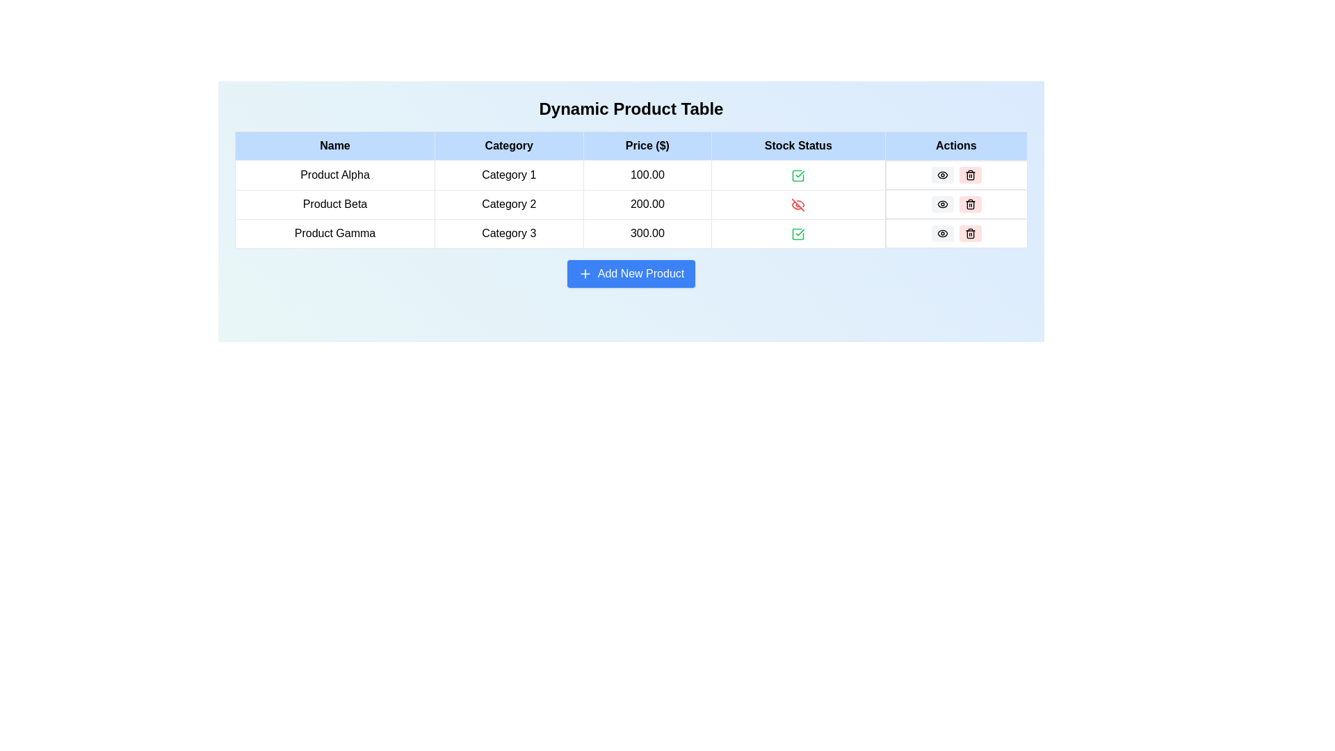 The width and height of the screenshot is (1335, 751). What do you see at coordinates (647, 145) in the screenshot?
I see `the third column header cell of the 'Dynamic Product Table' that labels the price values in USD` at bounding box center [647, 145].